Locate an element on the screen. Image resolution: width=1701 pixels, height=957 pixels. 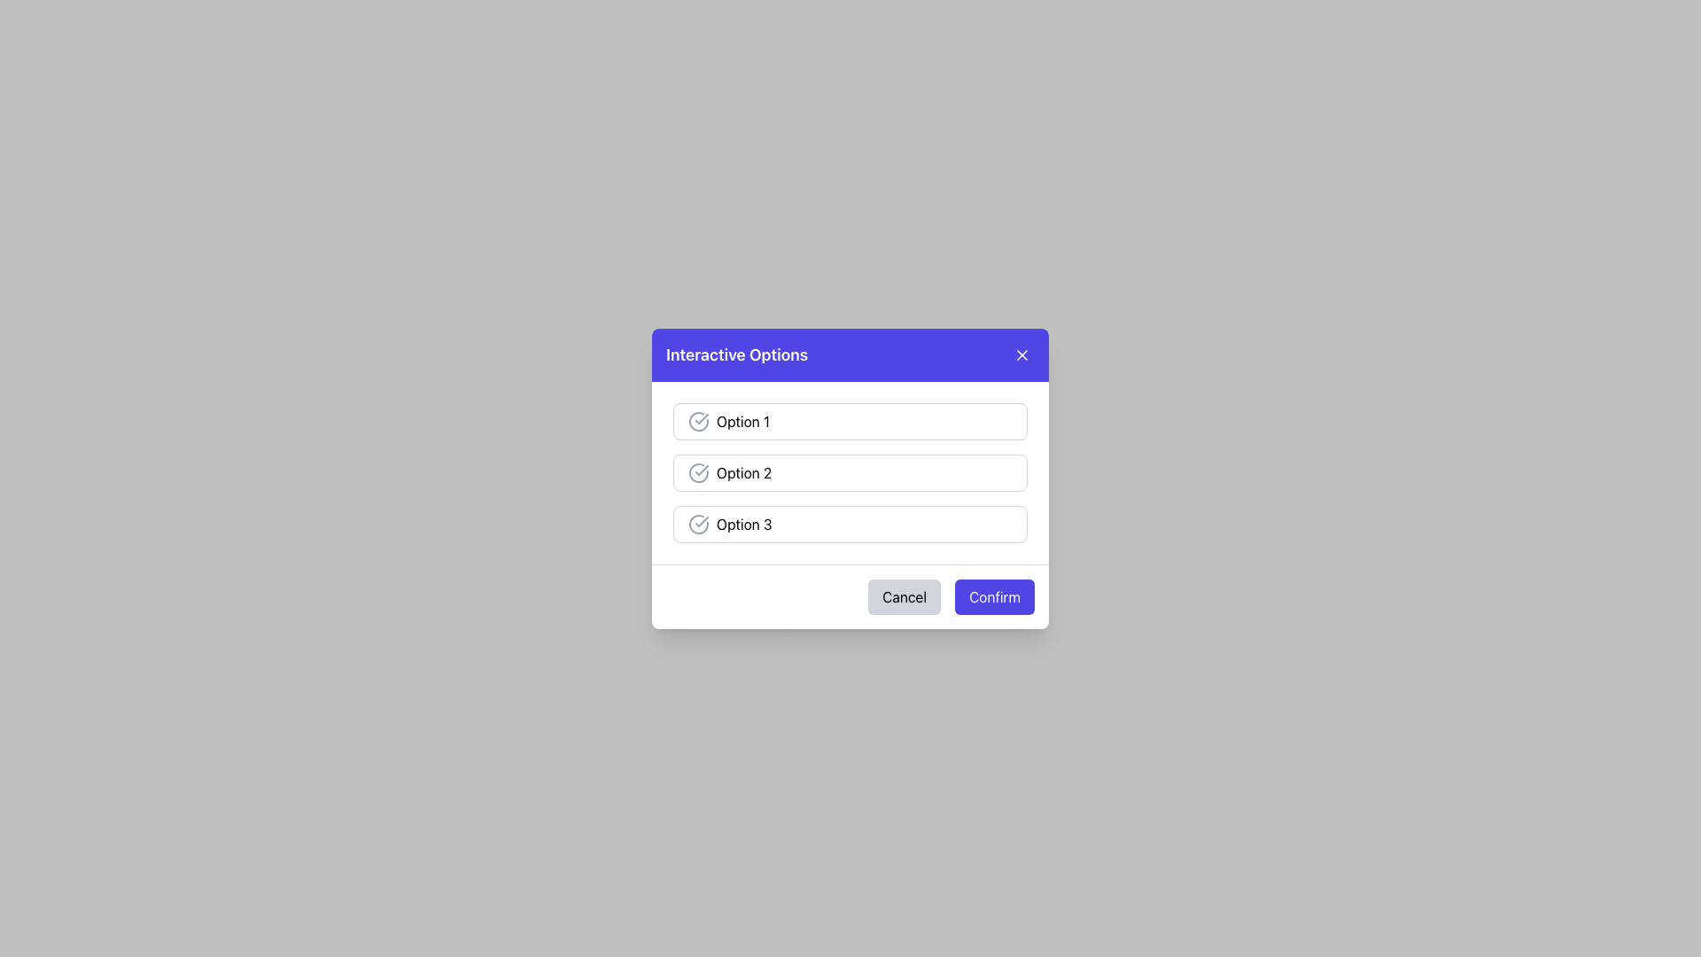
the text label displaying 'Option 2' is located at coordinates (744, 471).